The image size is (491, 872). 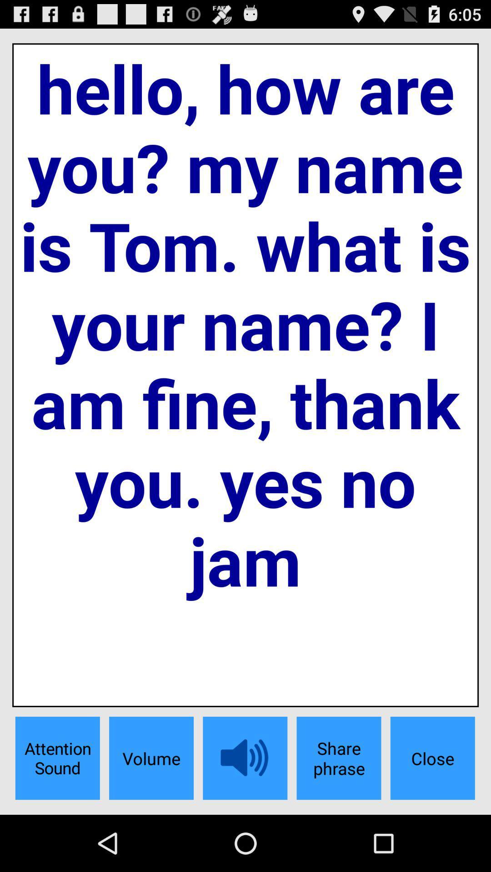 I want to click on the app below the hello how are item, so click(x=432, y=758).